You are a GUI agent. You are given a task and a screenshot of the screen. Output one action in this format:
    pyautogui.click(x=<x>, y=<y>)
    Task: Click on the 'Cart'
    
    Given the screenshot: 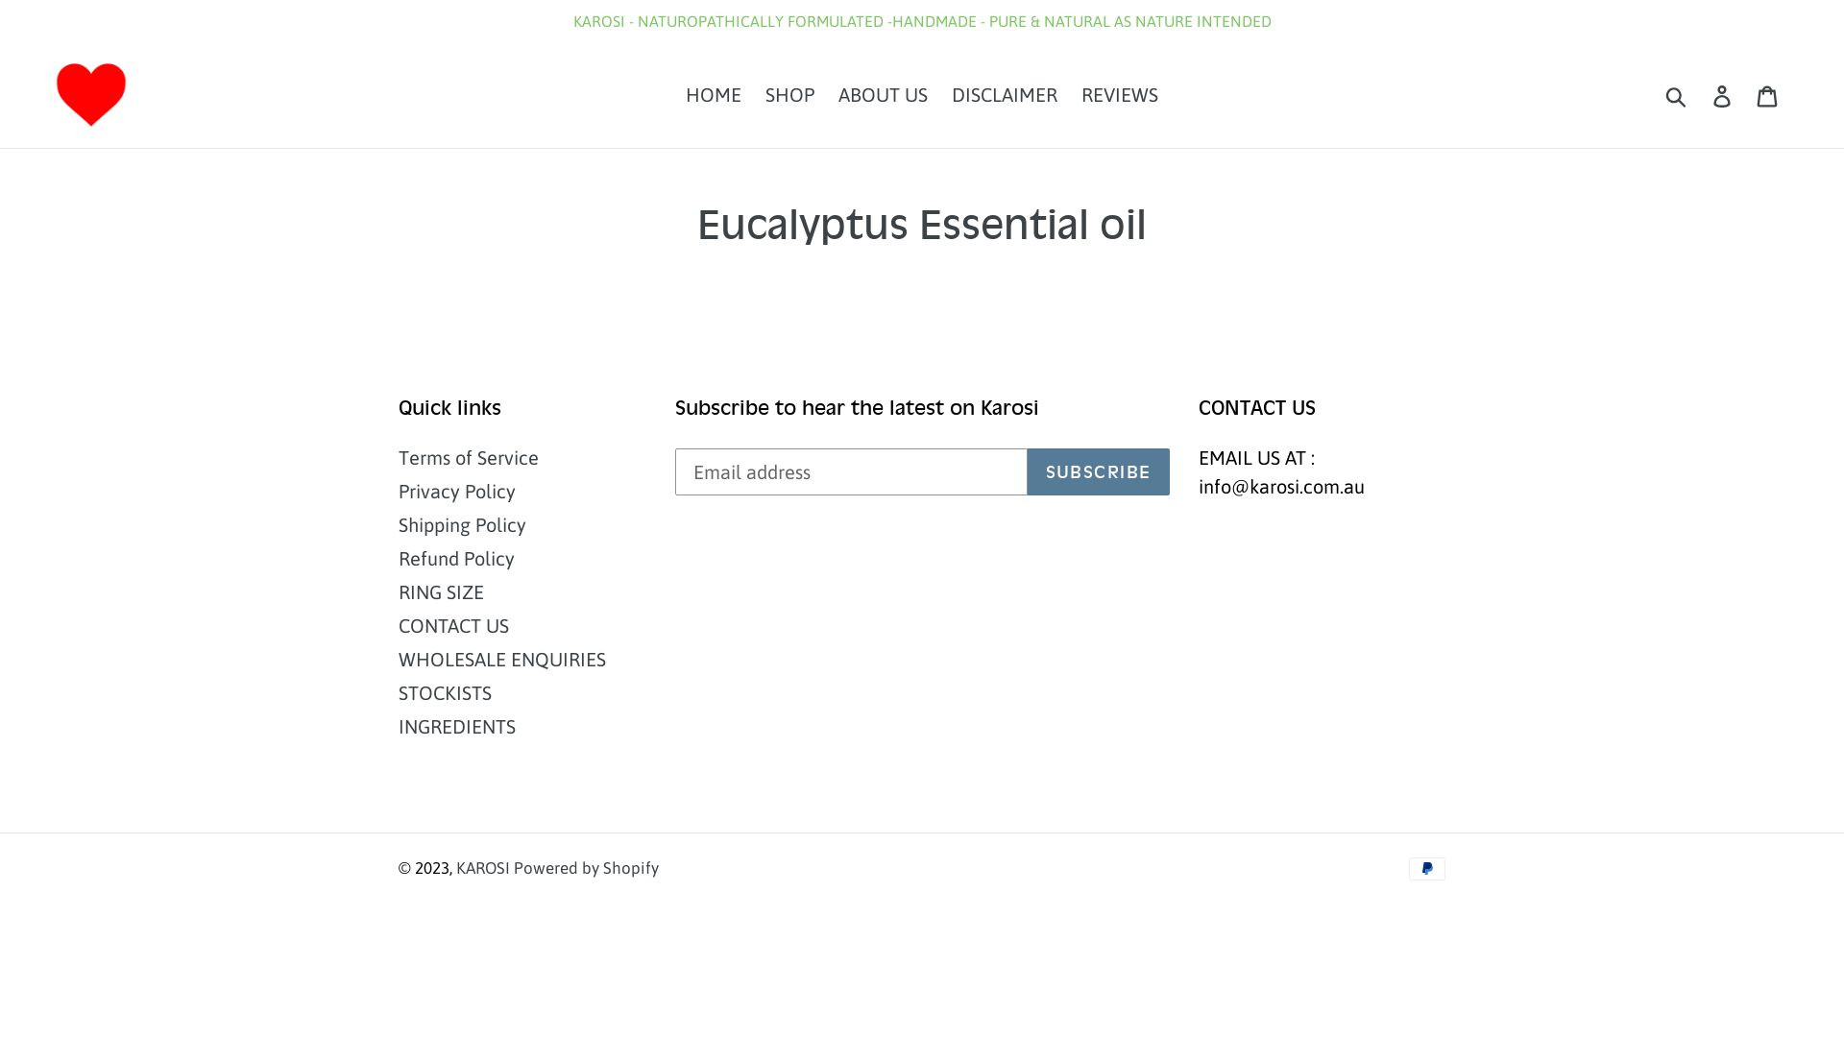 What is the action you would take?
    pyautogui.click(x=1767, y=95)
    